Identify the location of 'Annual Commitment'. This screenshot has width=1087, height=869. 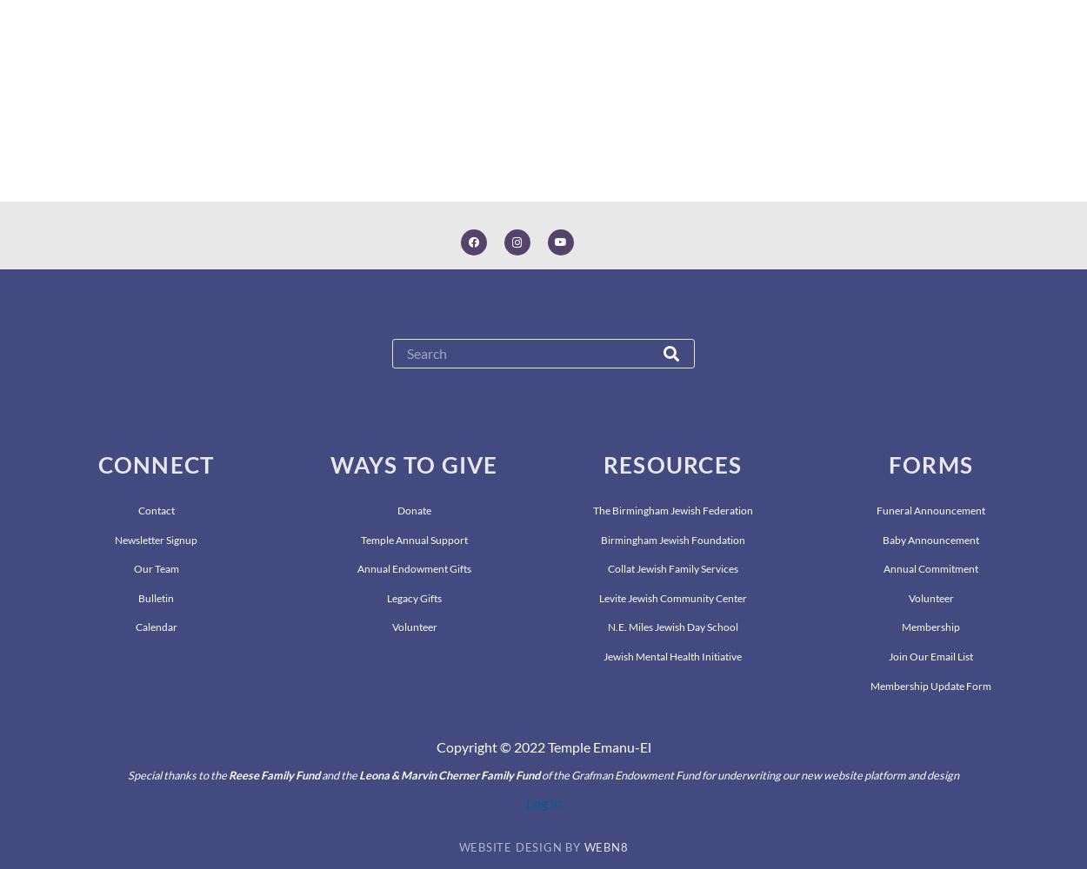
(930, 568).